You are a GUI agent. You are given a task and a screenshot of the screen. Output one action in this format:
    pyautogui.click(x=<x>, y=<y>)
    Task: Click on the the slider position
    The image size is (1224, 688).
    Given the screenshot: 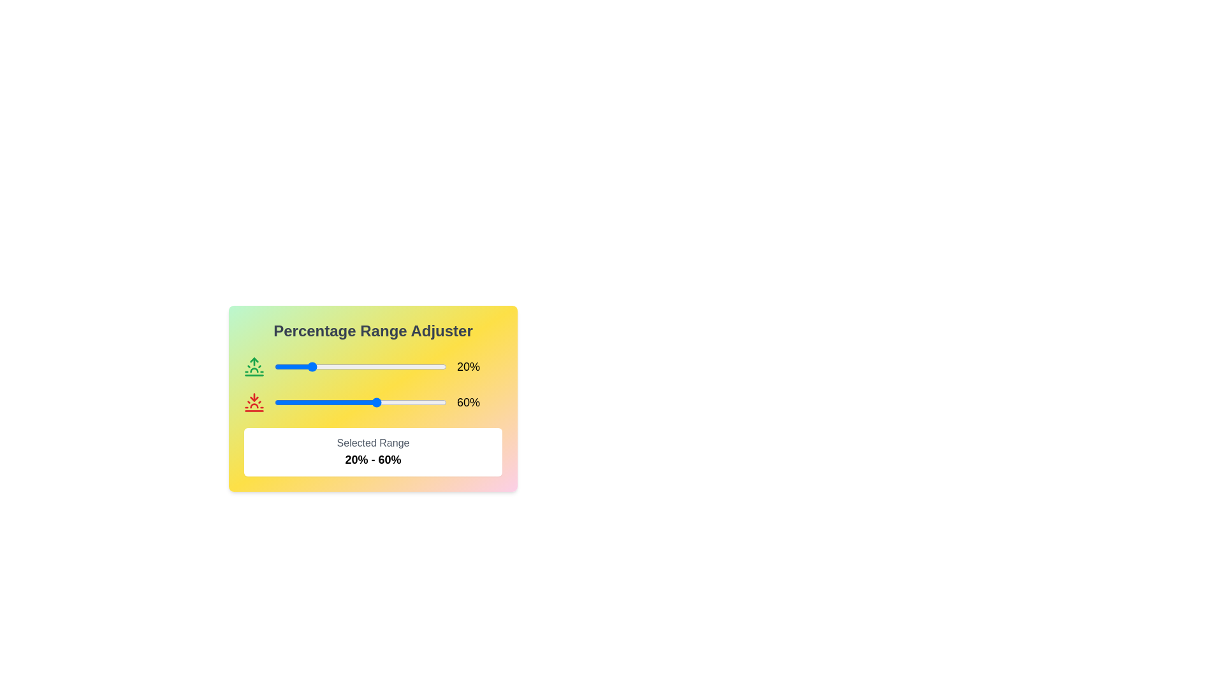 What is the action you would take?
    pyautogui.click(x=412, y=403)
    